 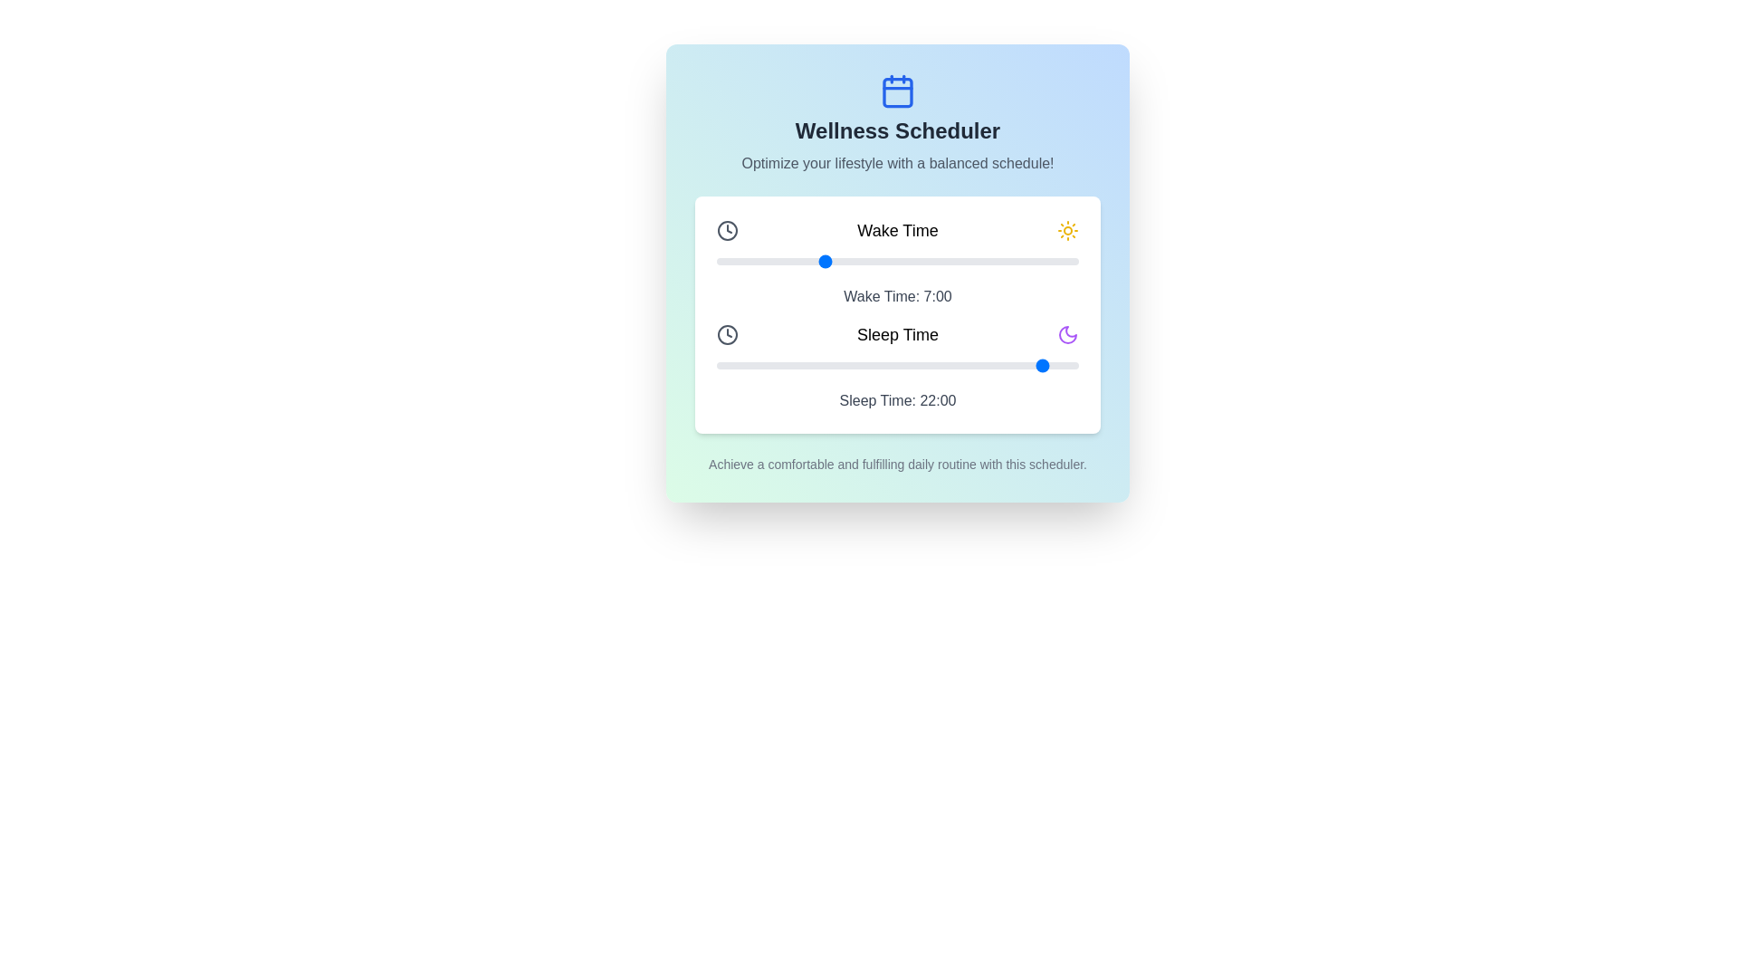 I want to click on text content of the bold heading 'Wellness Scheduler' which is centrally positioned at the top of the card element, so click(x=898, y=130).